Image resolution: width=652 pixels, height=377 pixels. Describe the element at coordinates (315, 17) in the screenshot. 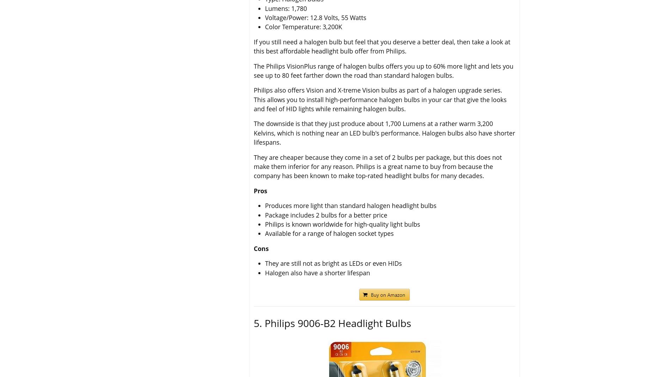

I see `'Voltage/Power: 12.8 Volts, 55 Watts'` at that location.